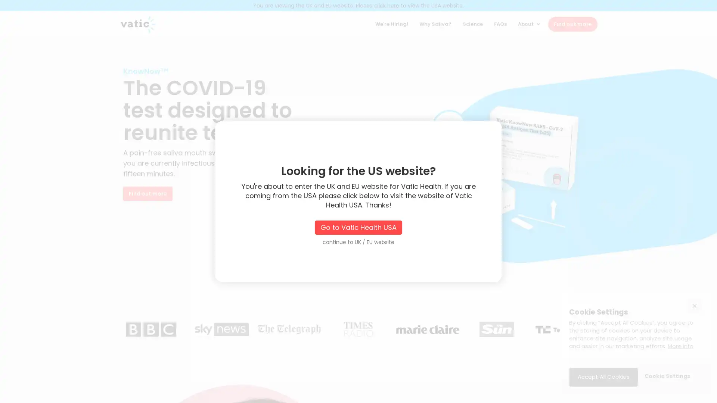 The width and height of the screenshot is (717, 403). Describe the element at coordinates (667, 377) in the screenshot. I see `Cookie Settings` at that location.